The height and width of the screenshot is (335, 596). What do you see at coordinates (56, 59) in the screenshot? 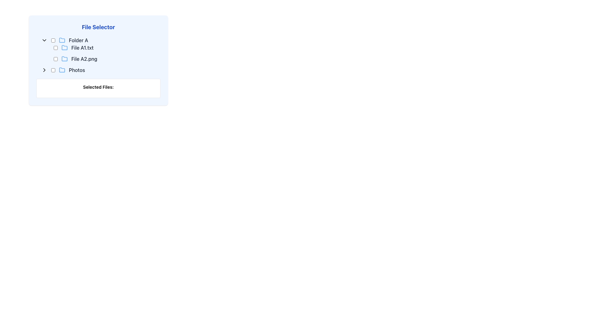
I see `the checkbox associated with 'File A2.png'` at bounding box center [56, 59].